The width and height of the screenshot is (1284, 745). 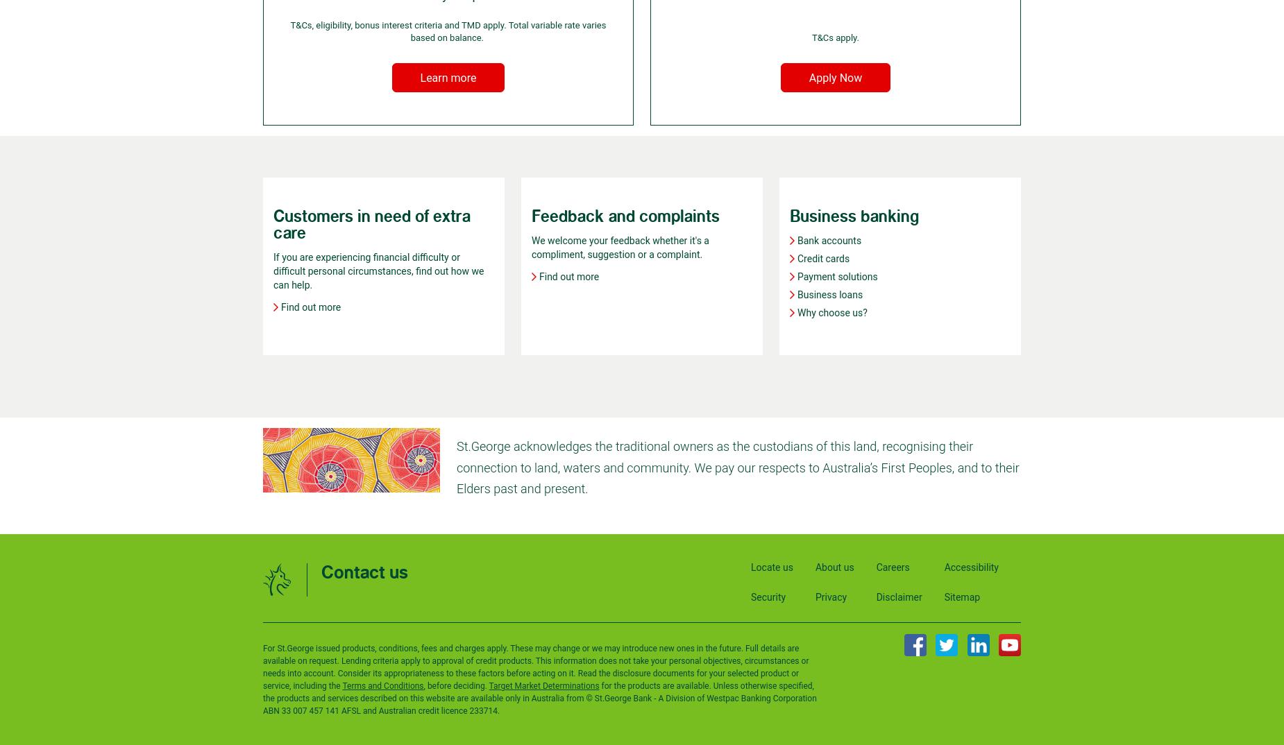 What do you see at coordinates (853, 216) in the screenshot?
I see `'Business banking'` at bounding box center [853, 216].